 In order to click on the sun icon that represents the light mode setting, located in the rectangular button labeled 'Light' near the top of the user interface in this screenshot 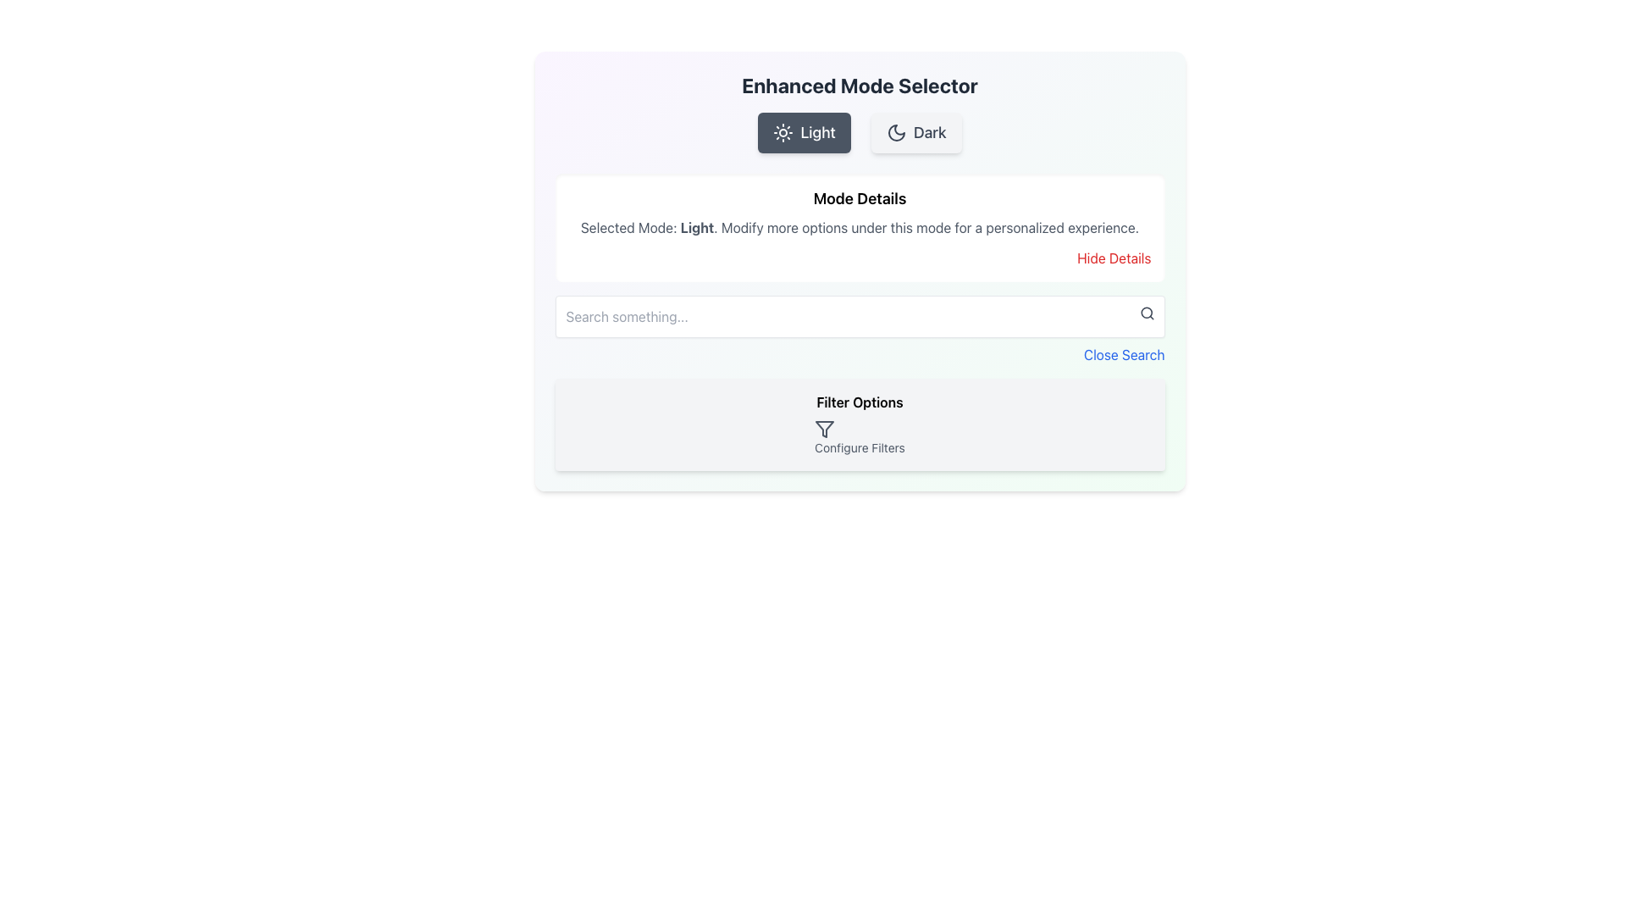, I will do `click(783, 132)`.